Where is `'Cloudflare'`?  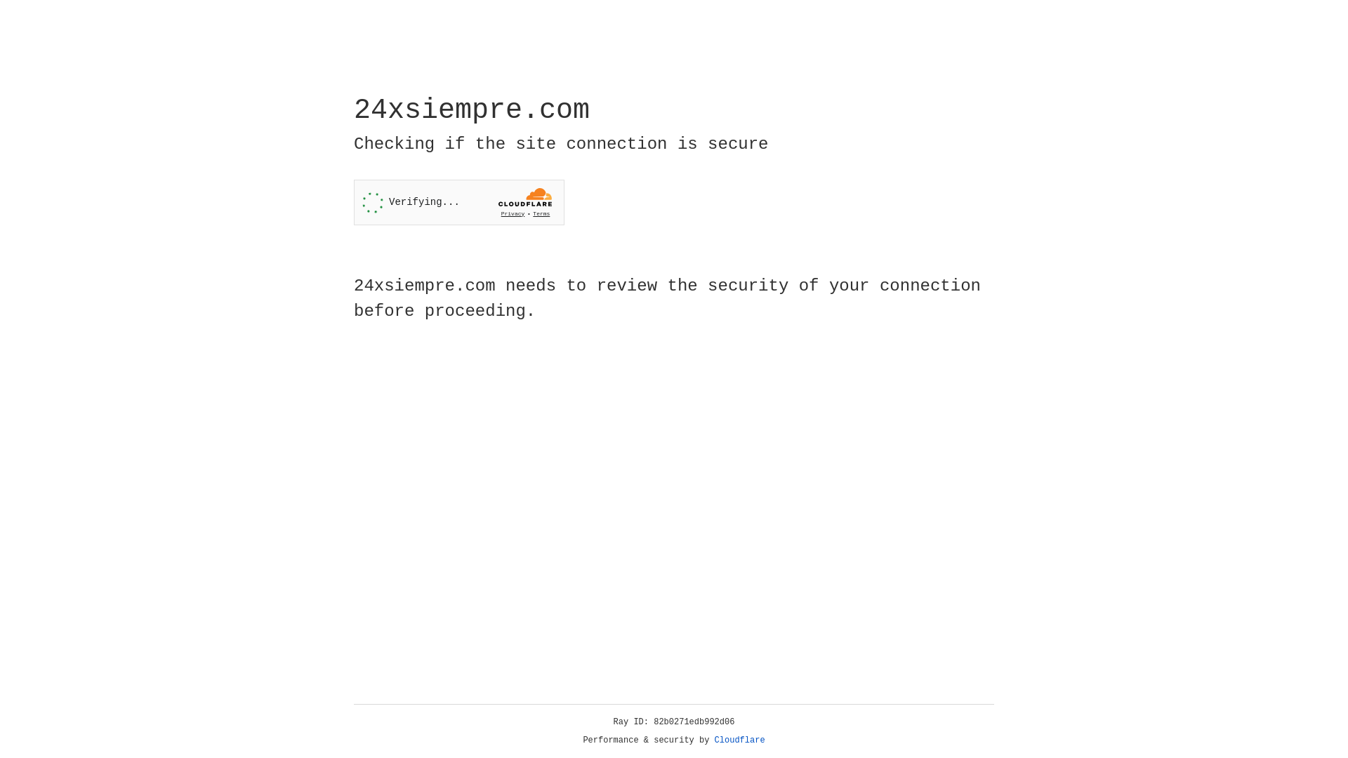 'Cloudflare' is located at coordinates (739, 740).